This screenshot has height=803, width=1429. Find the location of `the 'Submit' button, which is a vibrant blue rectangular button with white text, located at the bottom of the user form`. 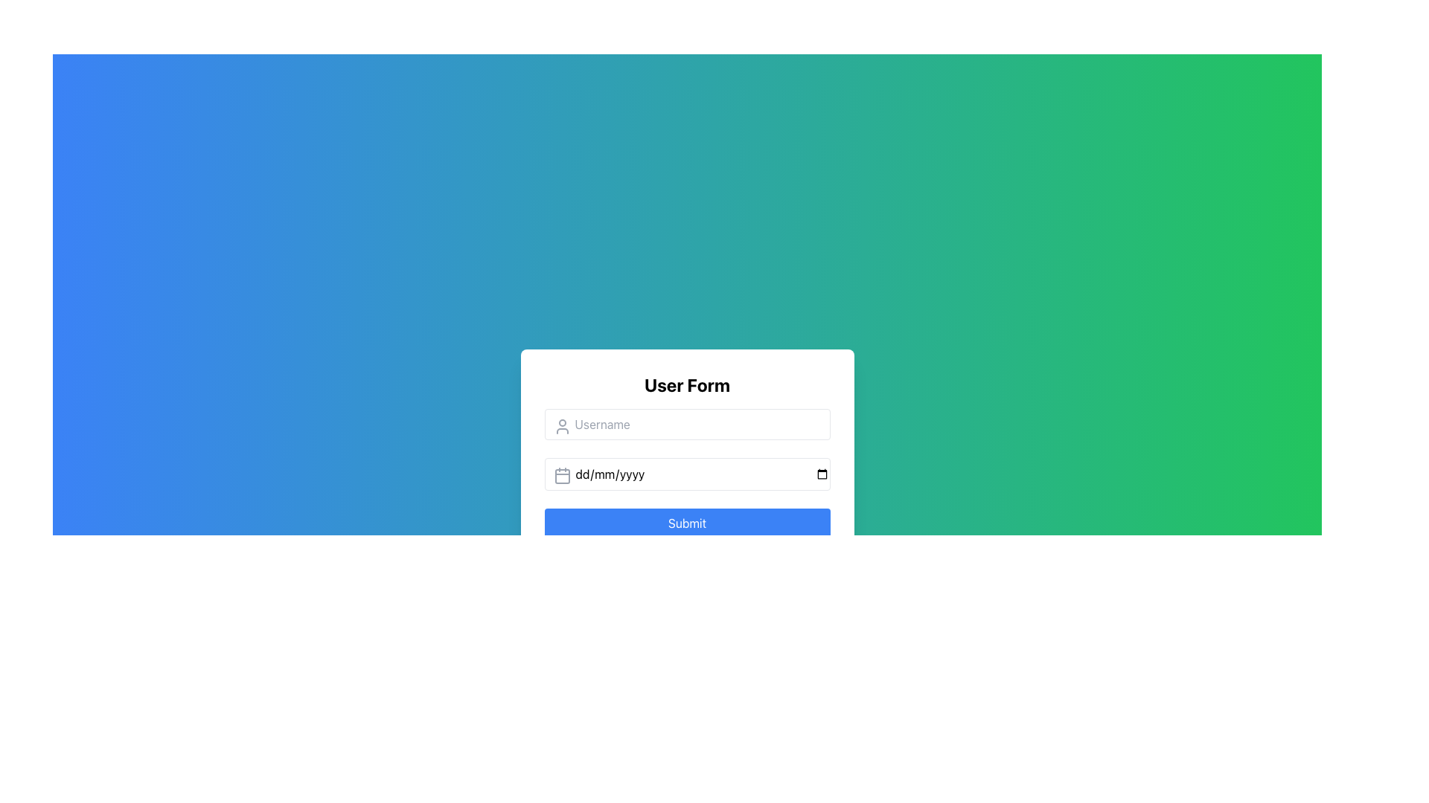

the 'Submit' button, which is a vibrant blue rectangular button with white text, located at the bottom of the user form is located at coordinates (686, 523).